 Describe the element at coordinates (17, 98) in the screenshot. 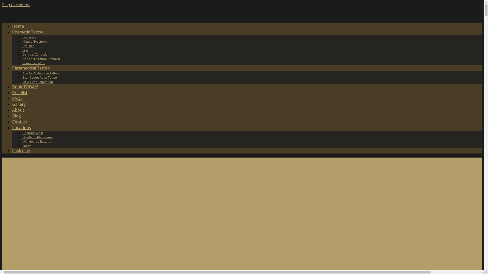

I see `'FAQs'` at that location.